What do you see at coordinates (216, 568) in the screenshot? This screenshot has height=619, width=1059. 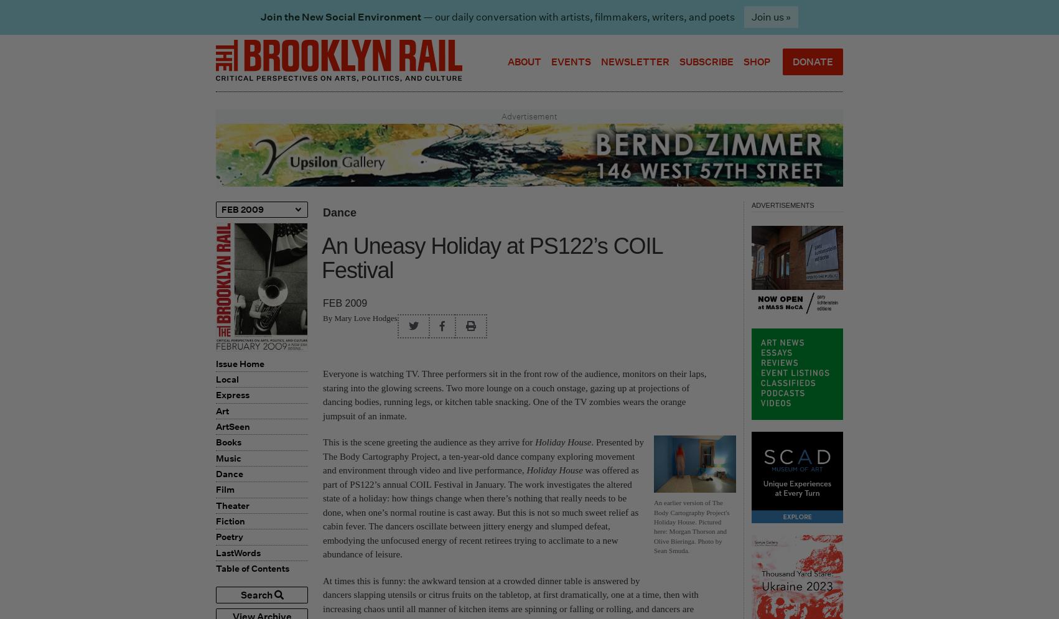 I see `'Table of Contents'` at bounding box center [216, 568].